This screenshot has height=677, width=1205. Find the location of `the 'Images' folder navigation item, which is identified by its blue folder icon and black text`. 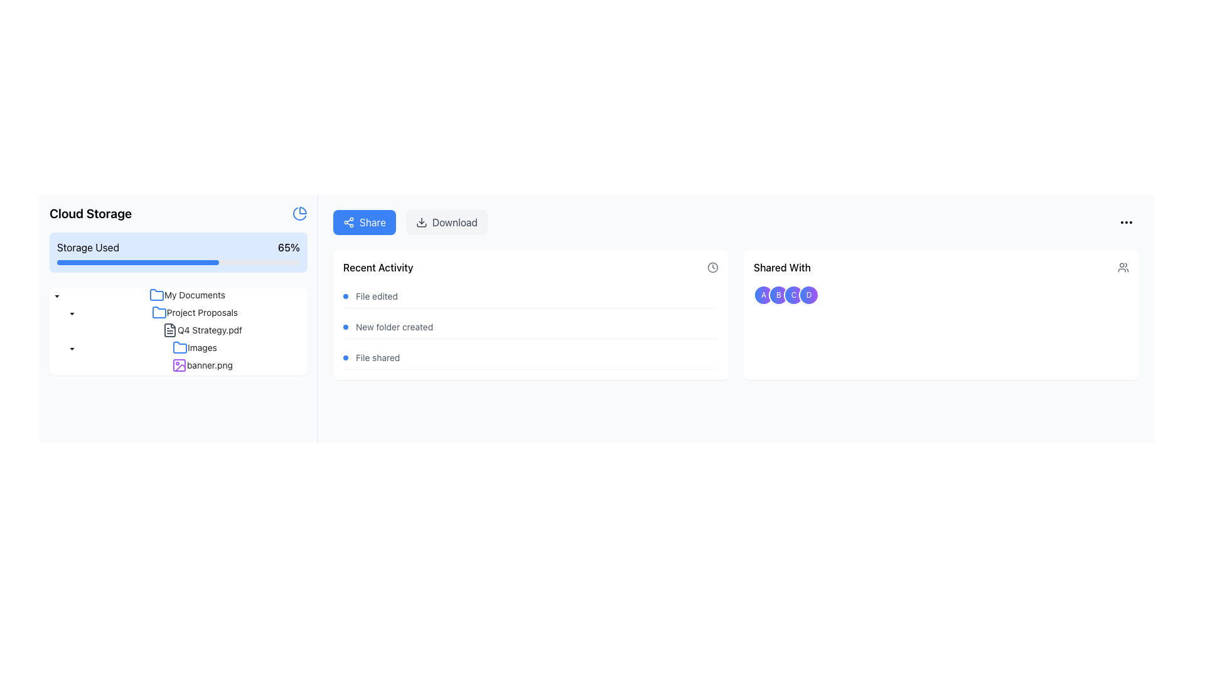

the 'Images' folder navigation item, which is identified by its blue folder icon and black text is located at coordinates (194, 348).